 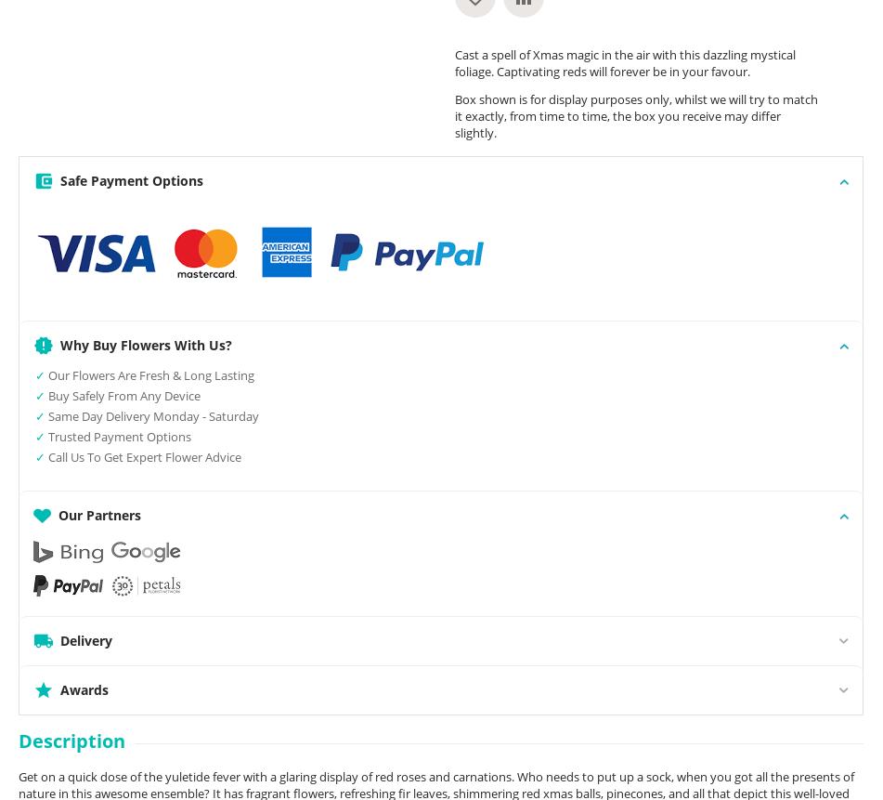 I want to click on 'Description', so click(x=71, y=741).